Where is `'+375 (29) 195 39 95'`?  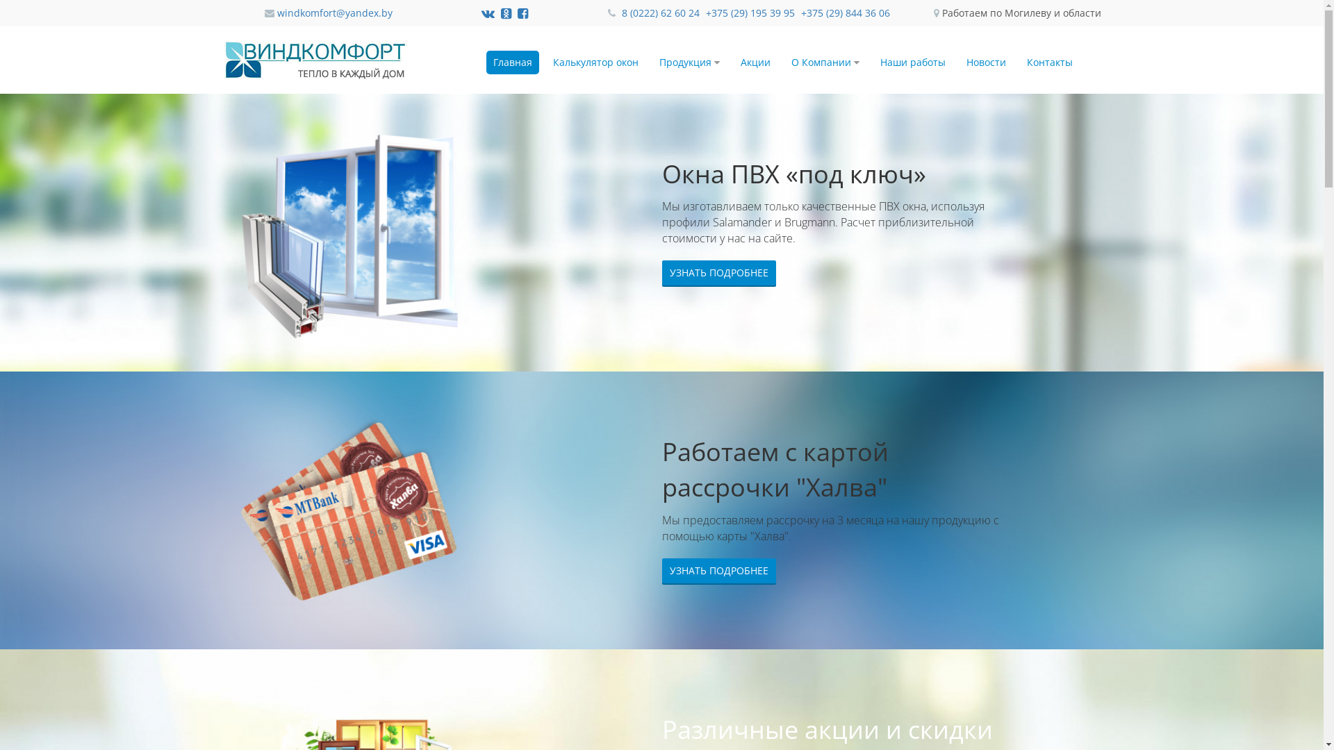 '+375 (29) 195 39 95' is located at coordinates (750, 12).